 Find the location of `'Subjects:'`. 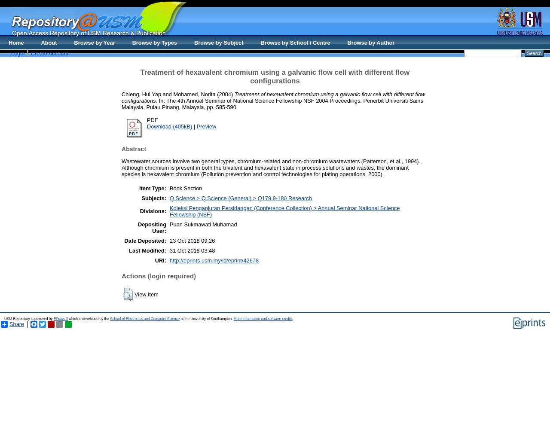

'Subjects:' is located at coordinates (154, 198).